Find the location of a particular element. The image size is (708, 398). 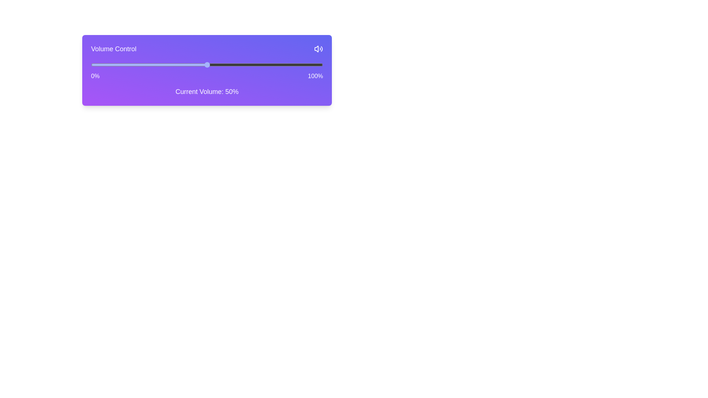

the text label displaying the current volume level of 50%, located at the bottom of the Volume Control widget is located at coordinates (206, 91).